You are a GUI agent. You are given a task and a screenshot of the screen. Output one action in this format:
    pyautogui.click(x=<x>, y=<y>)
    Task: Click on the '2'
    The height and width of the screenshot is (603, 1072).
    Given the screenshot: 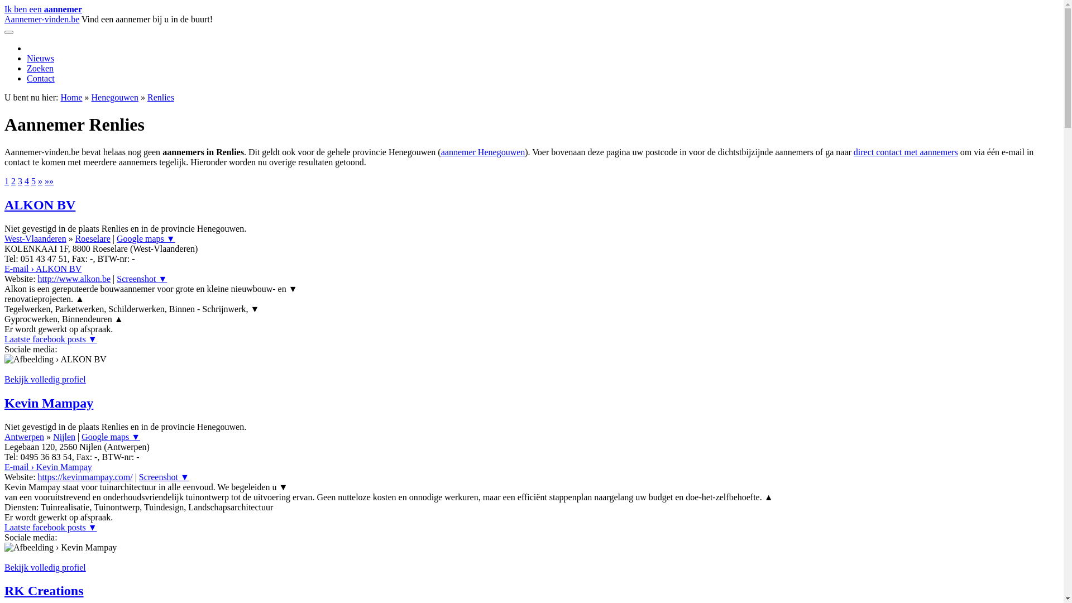 What is the action you would take?
    pyautogui.click(x=13, y=180)
    